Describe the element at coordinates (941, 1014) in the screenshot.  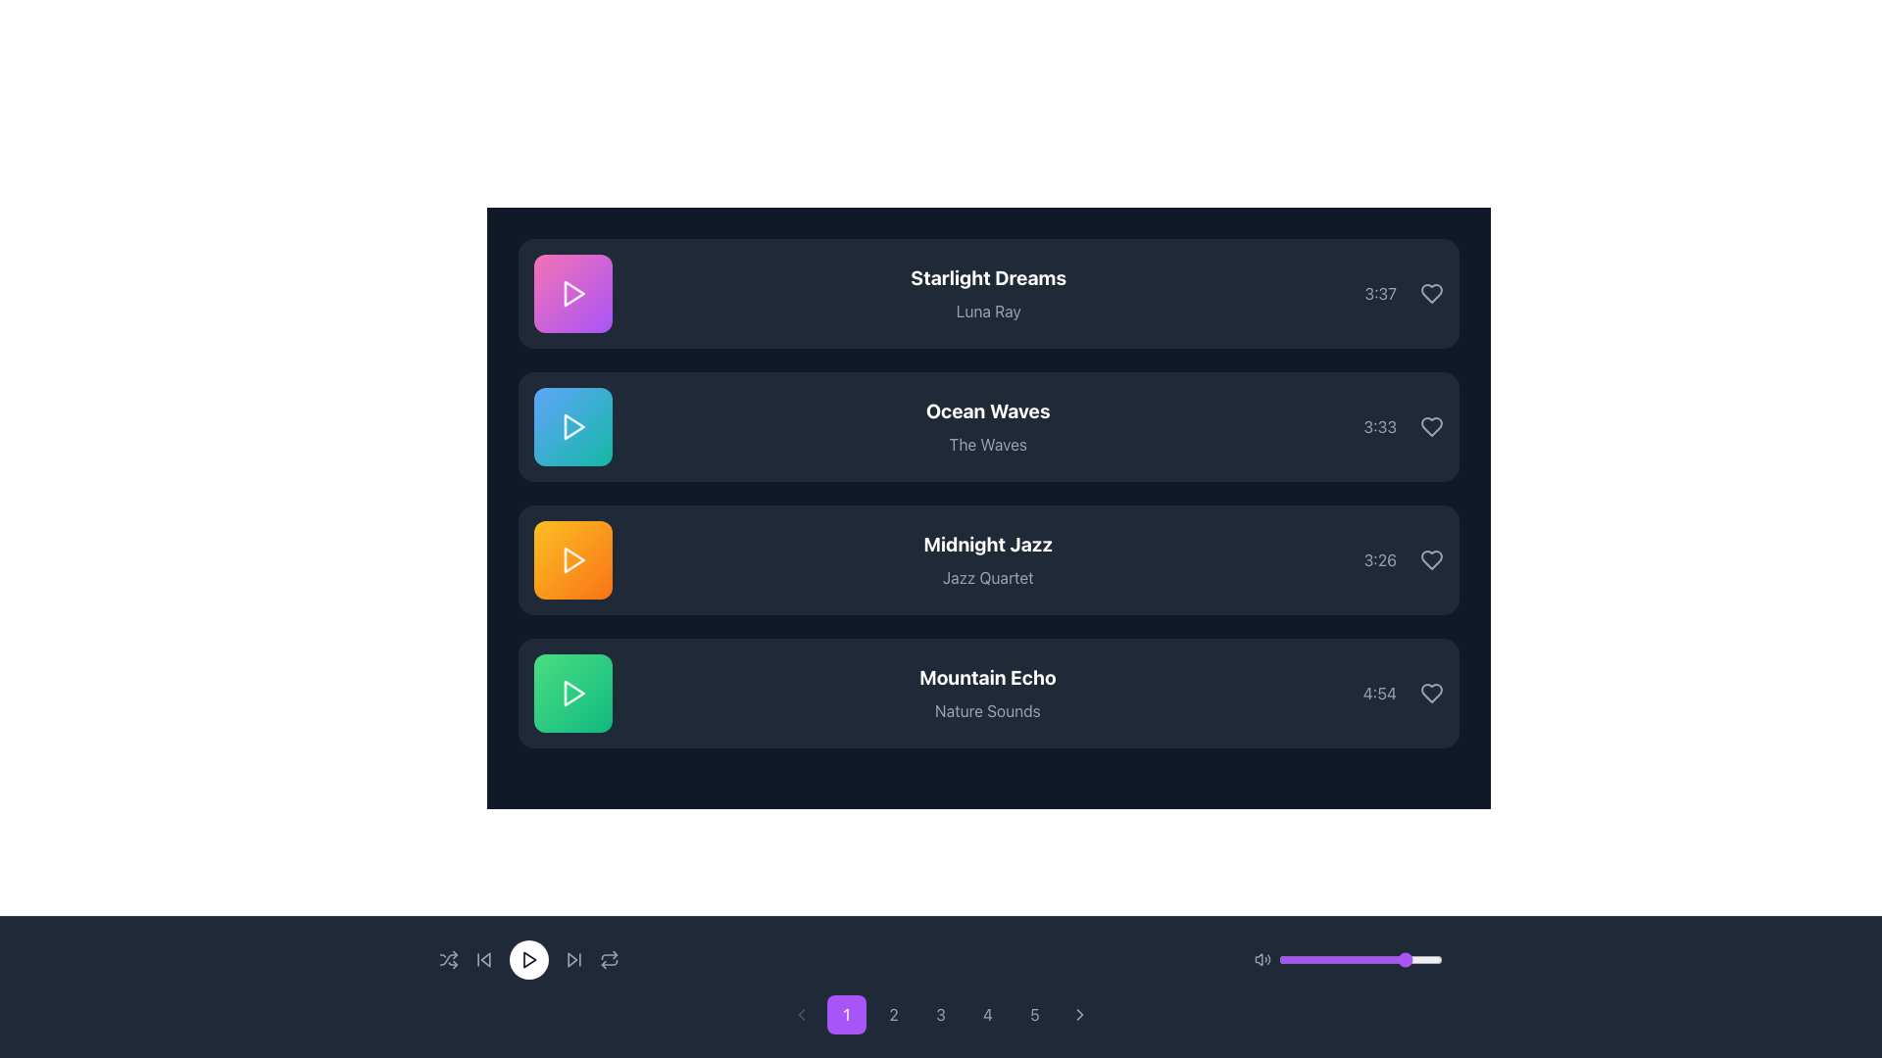
I see `the button labeled '3' in the navigation bar` at that location.